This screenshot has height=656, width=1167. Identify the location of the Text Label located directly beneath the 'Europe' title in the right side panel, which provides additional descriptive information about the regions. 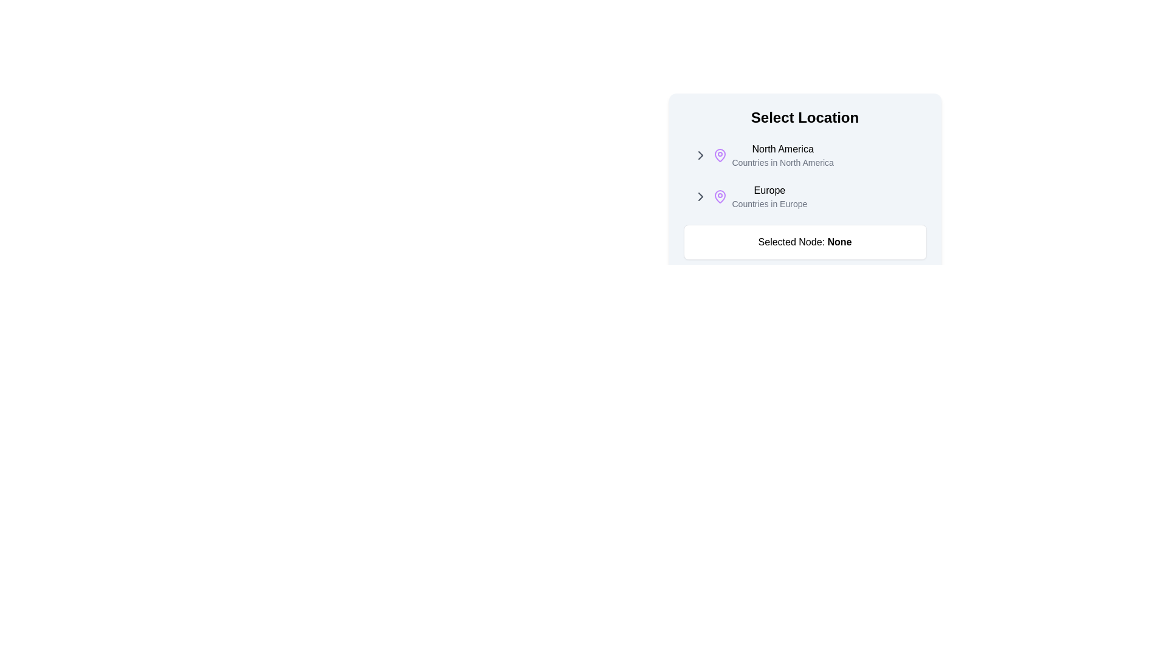
(769, 203).